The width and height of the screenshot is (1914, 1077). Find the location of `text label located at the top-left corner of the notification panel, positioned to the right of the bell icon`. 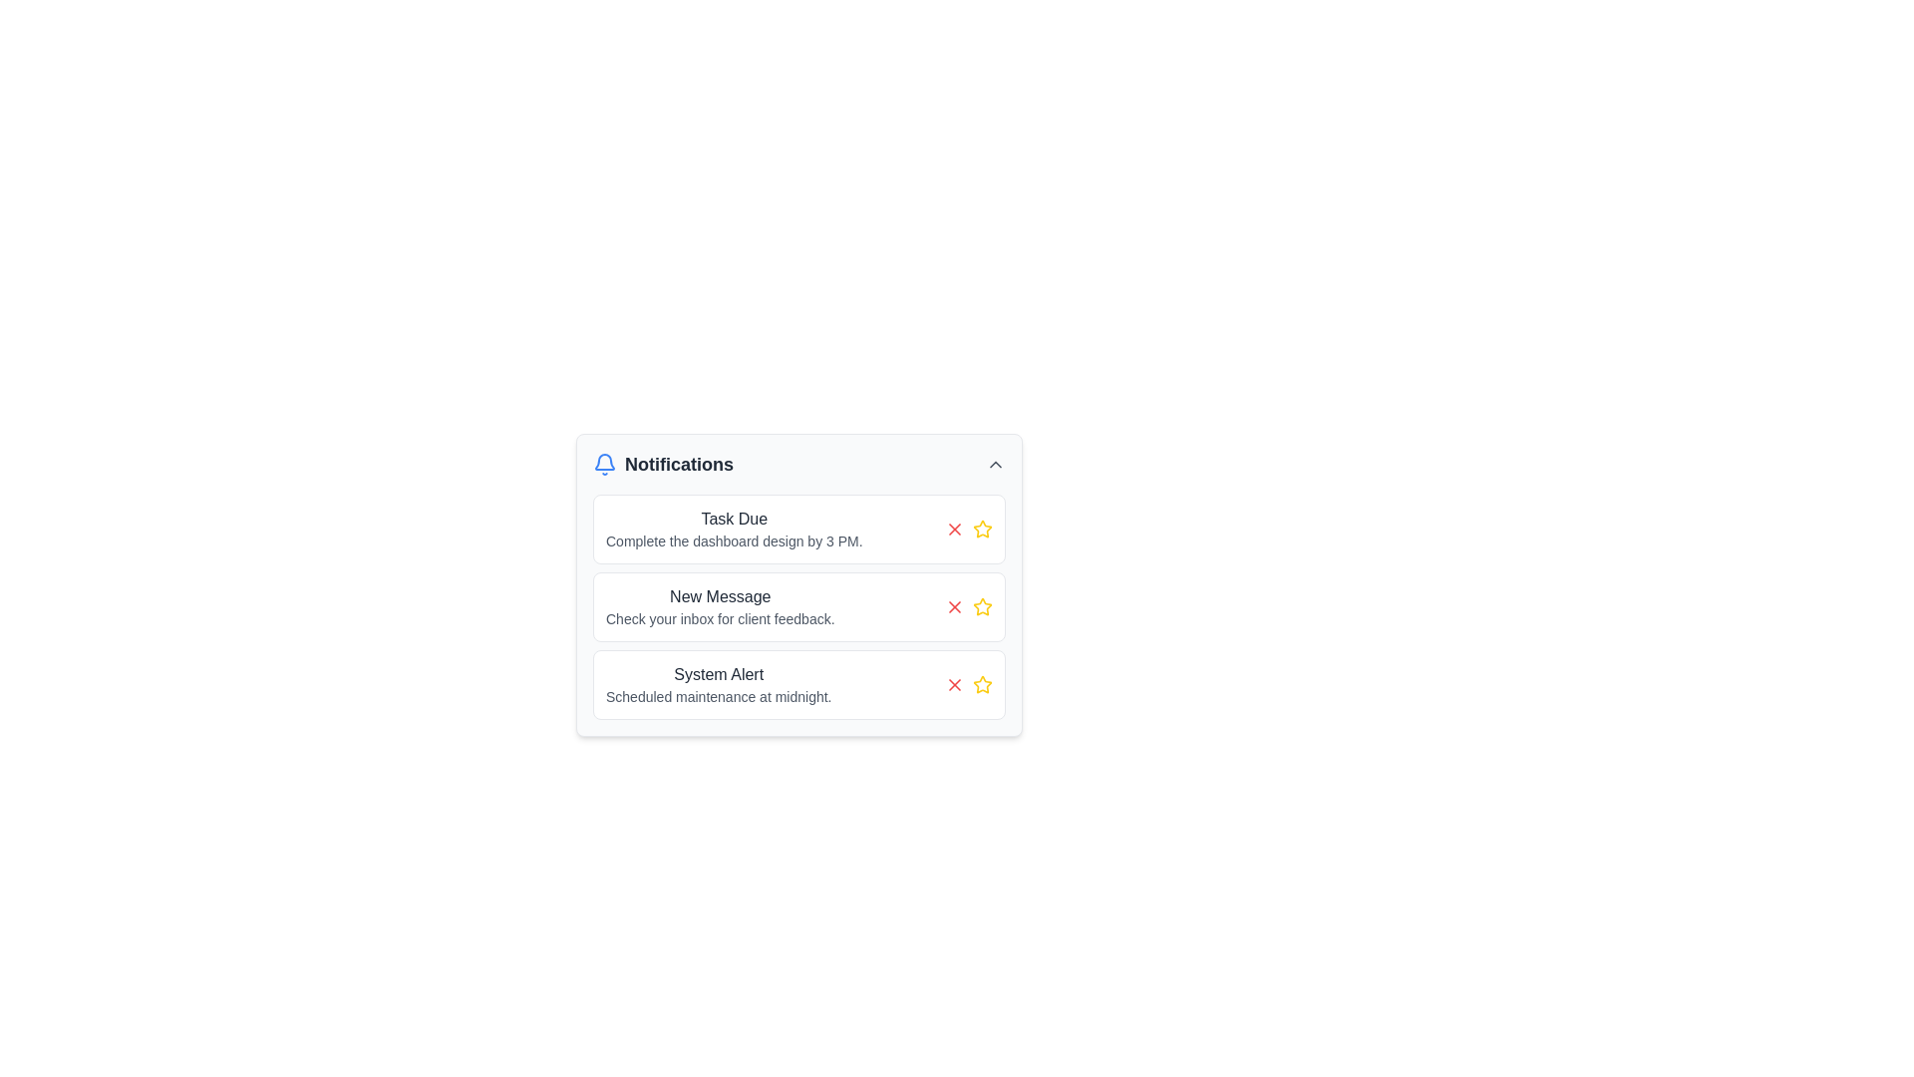

text label located at the top-left corner of the notification panel, positioned to the right of the bell icon is located at coordinates (679, 465).